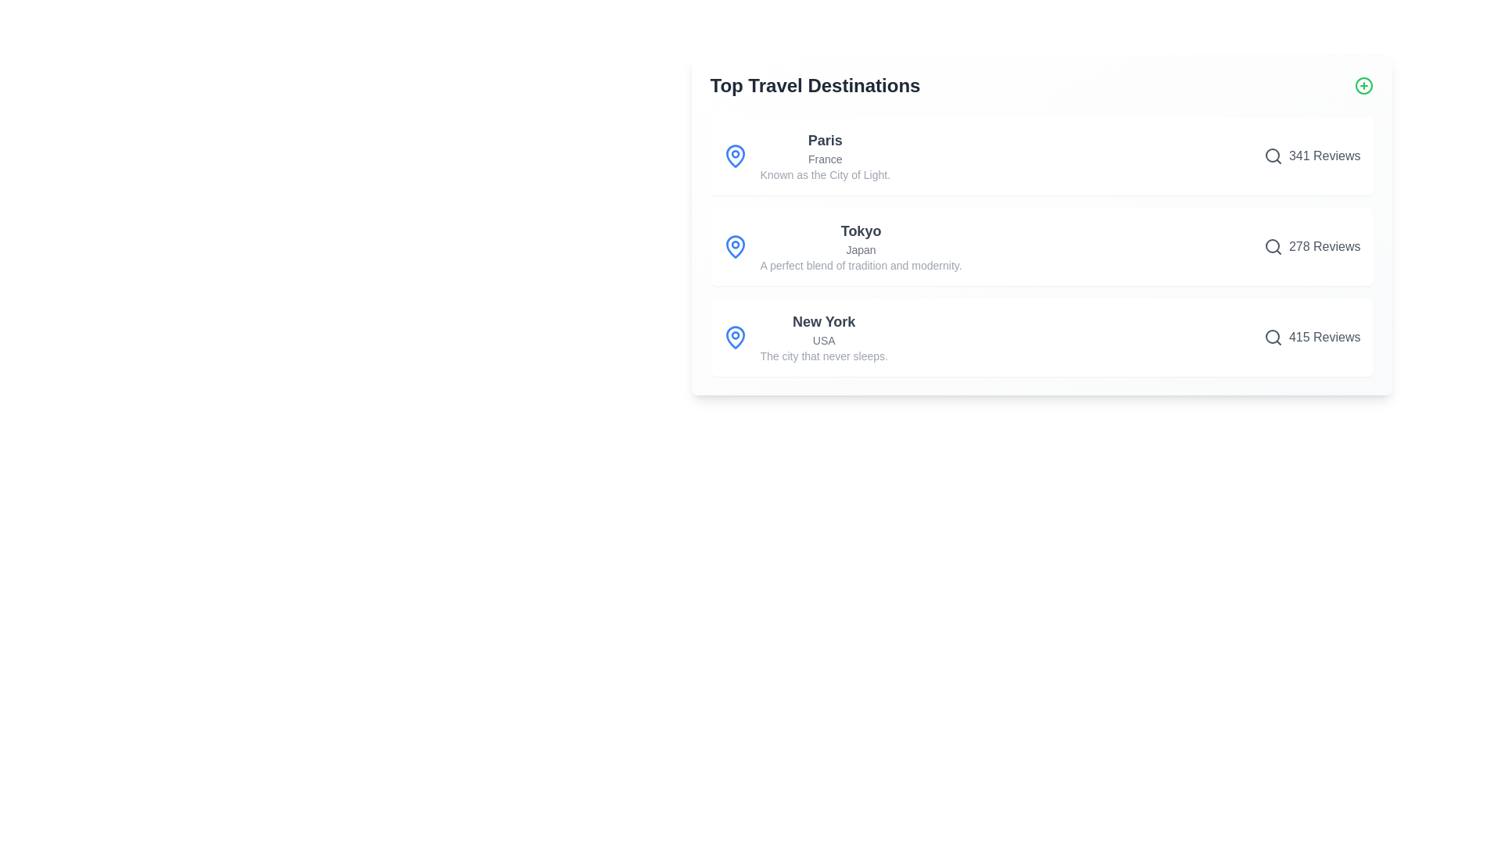  Describe the element at coordinates (1273, 337) in the screenshot. I see `search icon for the destination New York` at that location.